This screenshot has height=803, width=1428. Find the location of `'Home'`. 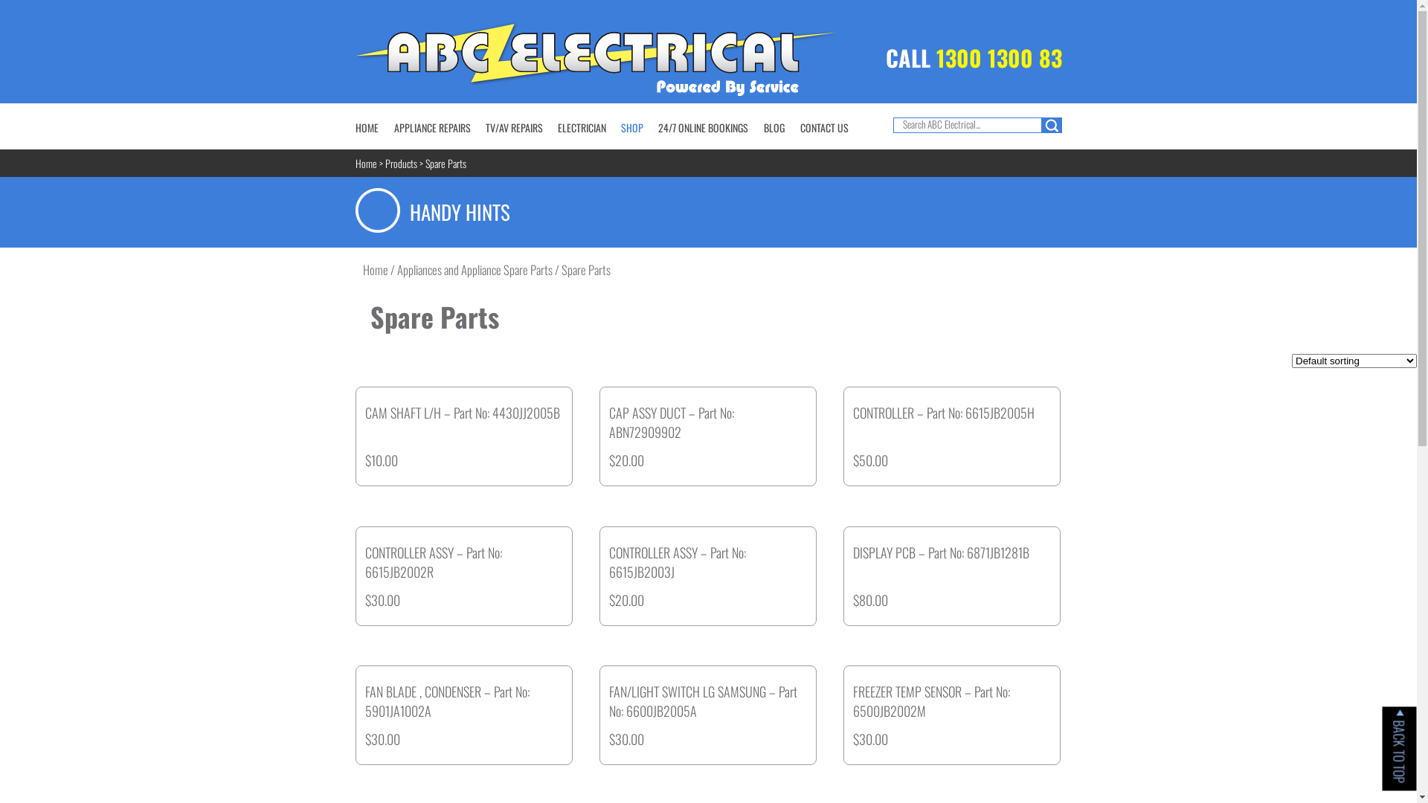

'Home' is located at coordinates (366, 163).